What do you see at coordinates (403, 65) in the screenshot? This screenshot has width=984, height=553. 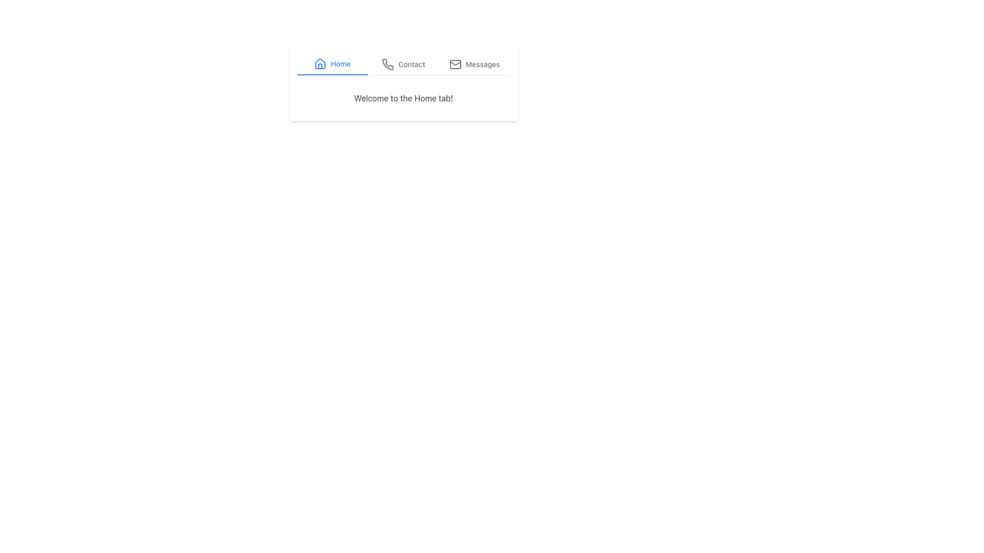 I see `the 'Contact' navigation button, which is the second item in the horizontal navigation menu located at the top of the interface` at bounding box center [403, 65].